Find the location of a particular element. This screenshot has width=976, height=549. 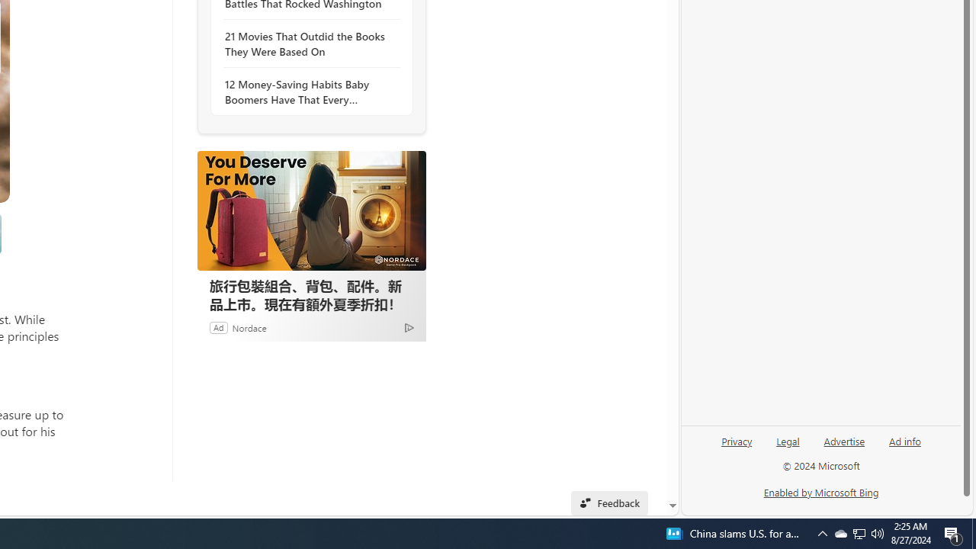

'Privacy' is located at coordinates (737, 446).